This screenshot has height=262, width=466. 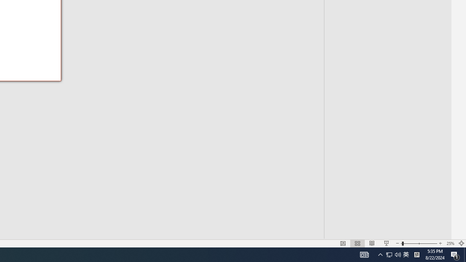 What do you see at coordinates (455, 254) in the screenshot?
I see `'Action Center, 1 new notification'` at bounding box center [455, 254].